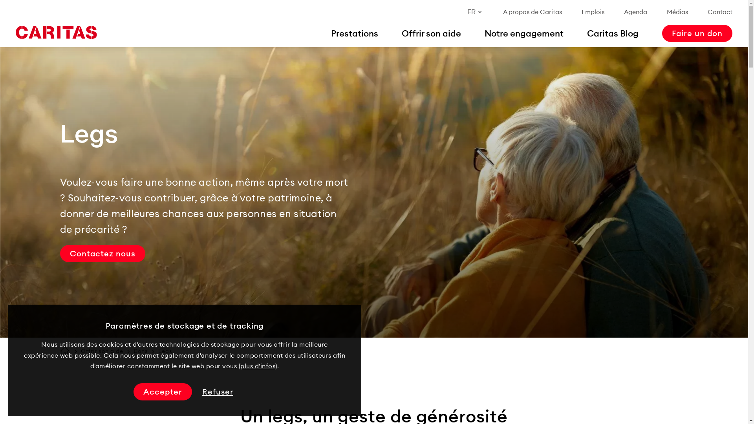 This screenshot has height=424, width=754. Describe the element at coordinates (635, 12) in the screenshot. I see `'Agenda'` at that location.